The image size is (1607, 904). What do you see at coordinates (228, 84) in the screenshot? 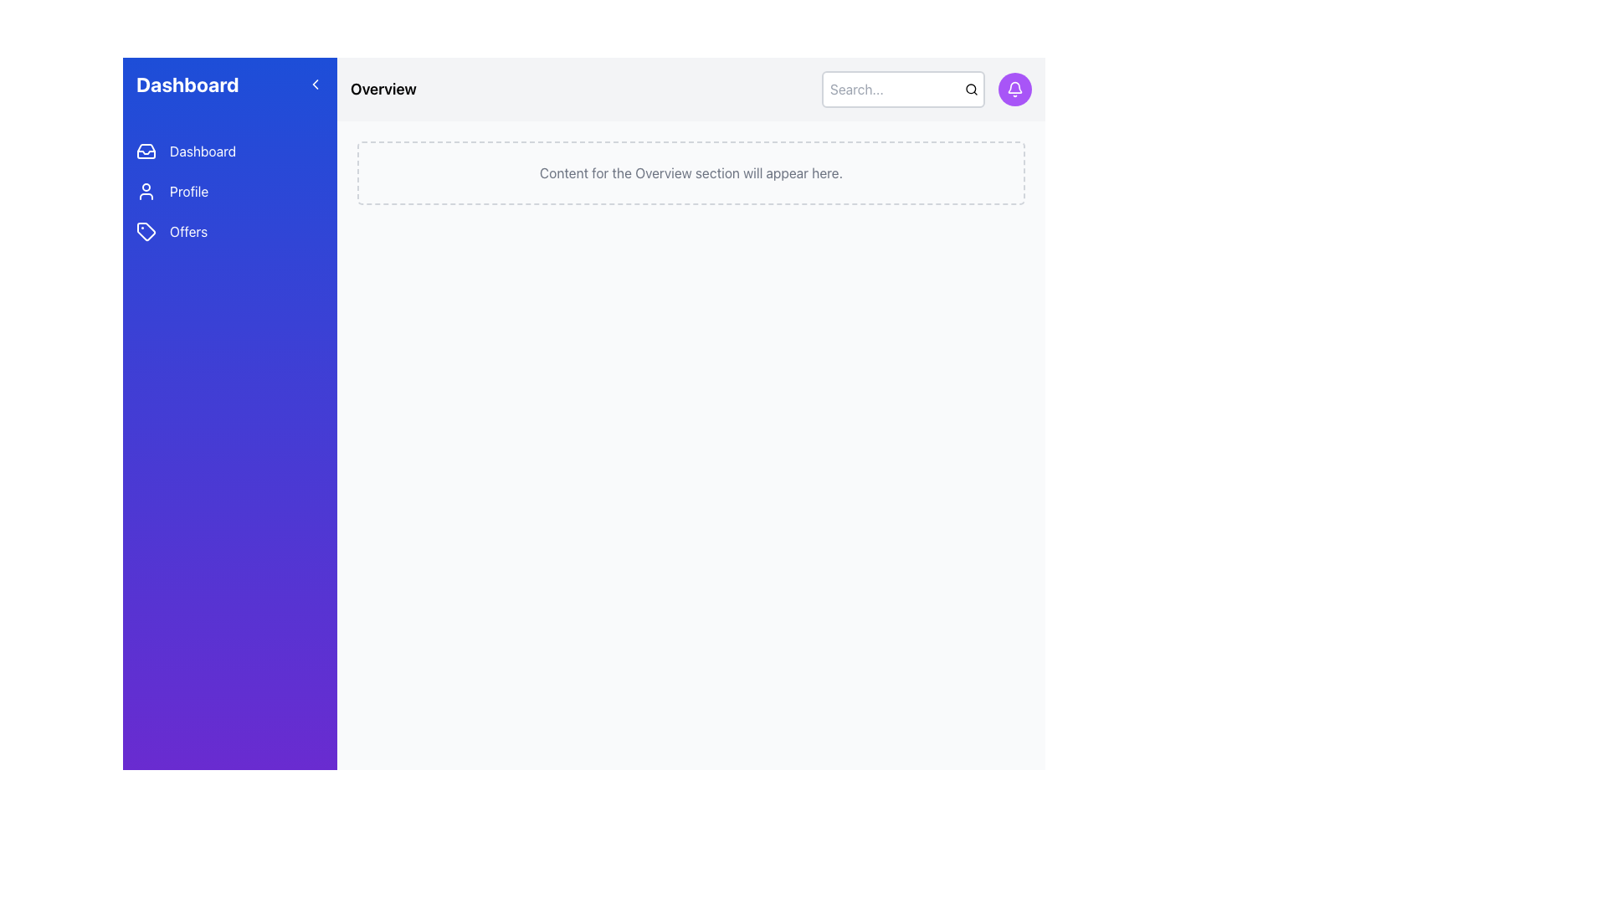
I see `the 'Dashboard' header in the navigation sidebar, which has a gradient blue-to-purple background and contains bold white text aligned to the left with a left-pointing arrow icon on the right` at bounding box center [228, 84].